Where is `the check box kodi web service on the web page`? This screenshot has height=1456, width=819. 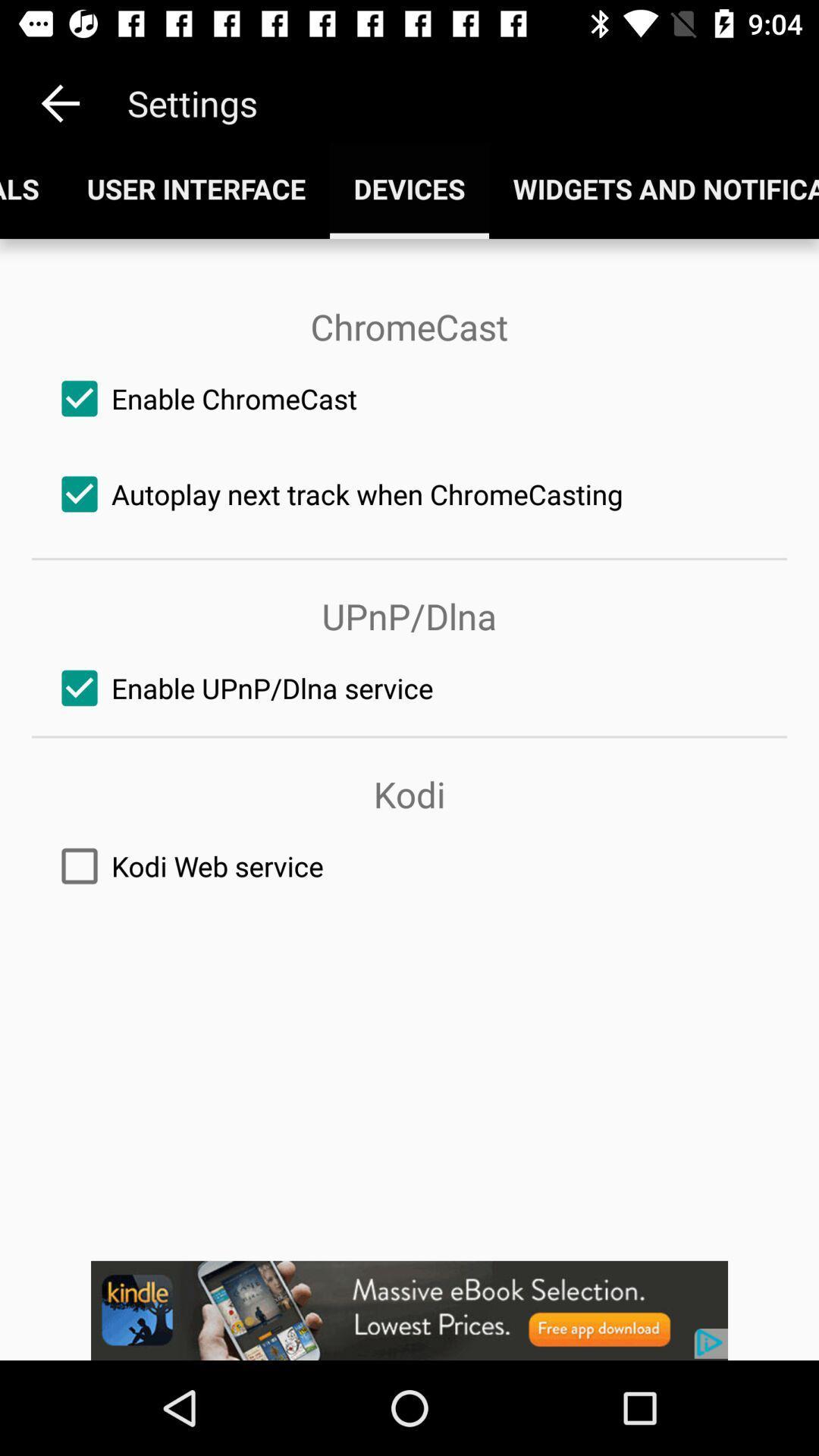 the check box kodi web service on the web page is located at coordinates (409, 866).